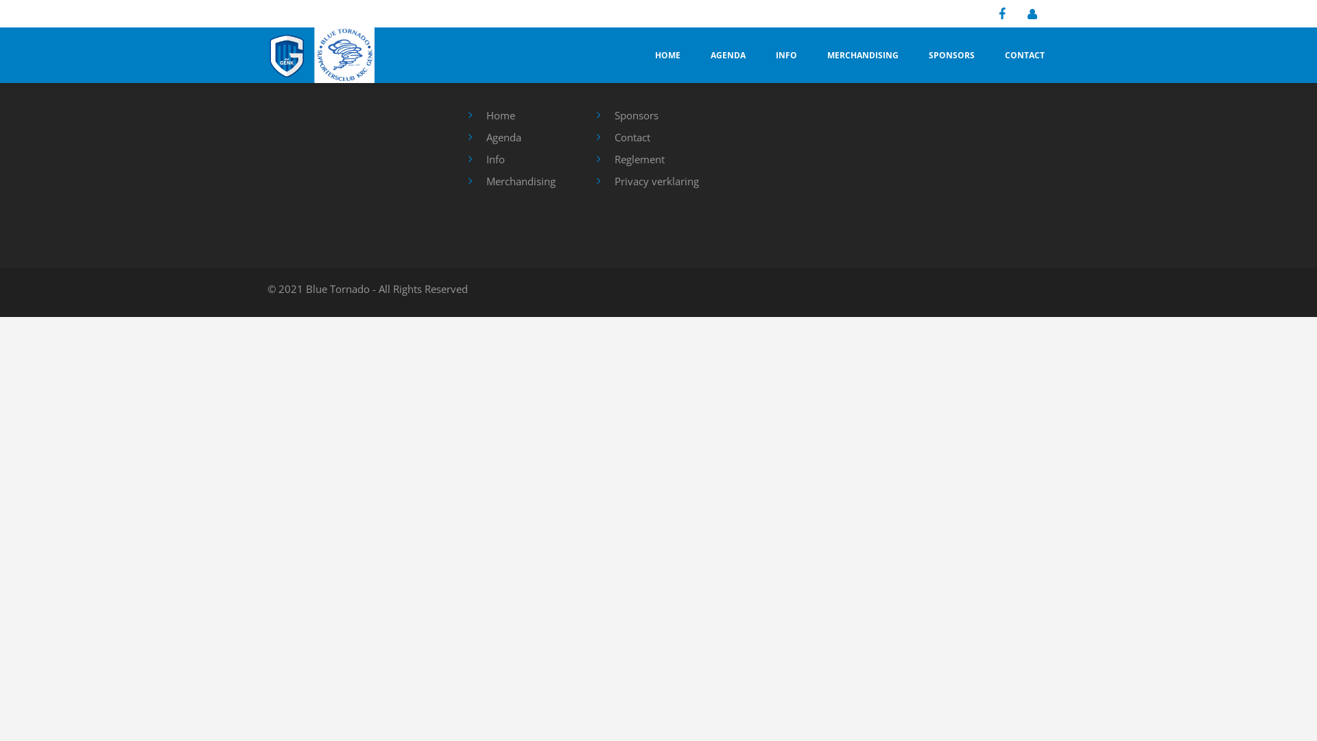 The image size is (1317, 741). Describe the element at coordinates (667, 54) in the screenshot. I see `'HOME'` at that location.